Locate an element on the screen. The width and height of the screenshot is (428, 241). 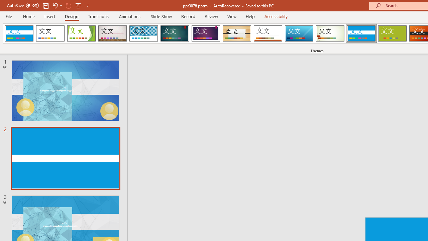
'Ion' is located at coordinates (175, 33).